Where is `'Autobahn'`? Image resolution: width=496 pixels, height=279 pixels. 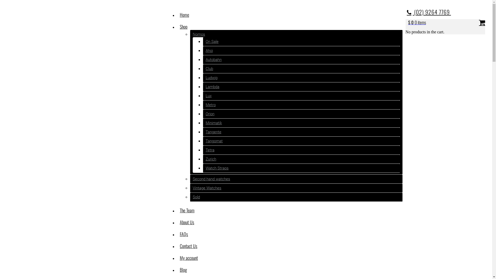
'Autobahn' is located at coordinates (213, 59).